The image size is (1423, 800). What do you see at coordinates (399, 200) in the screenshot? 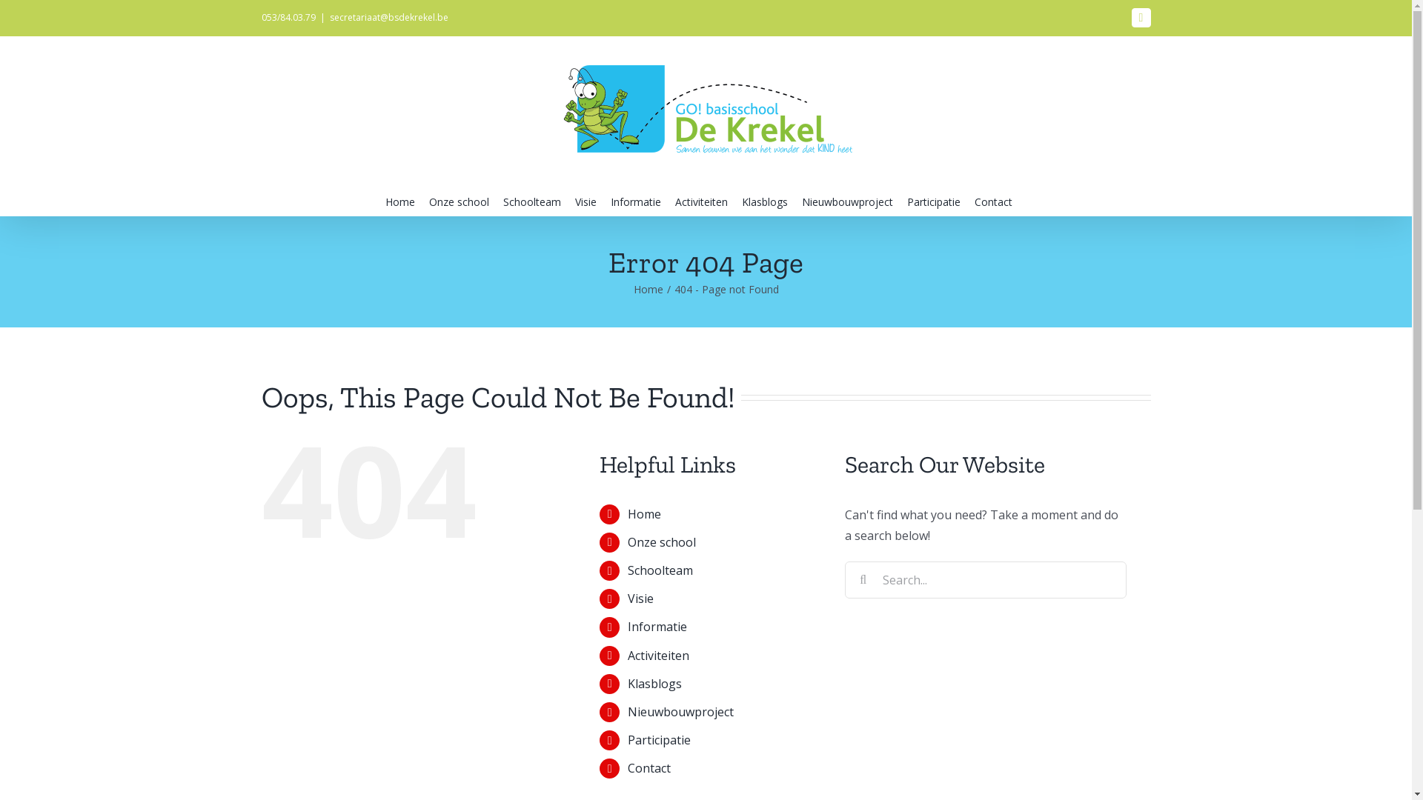
I see `'Home'` at bounding box center [399, 200].